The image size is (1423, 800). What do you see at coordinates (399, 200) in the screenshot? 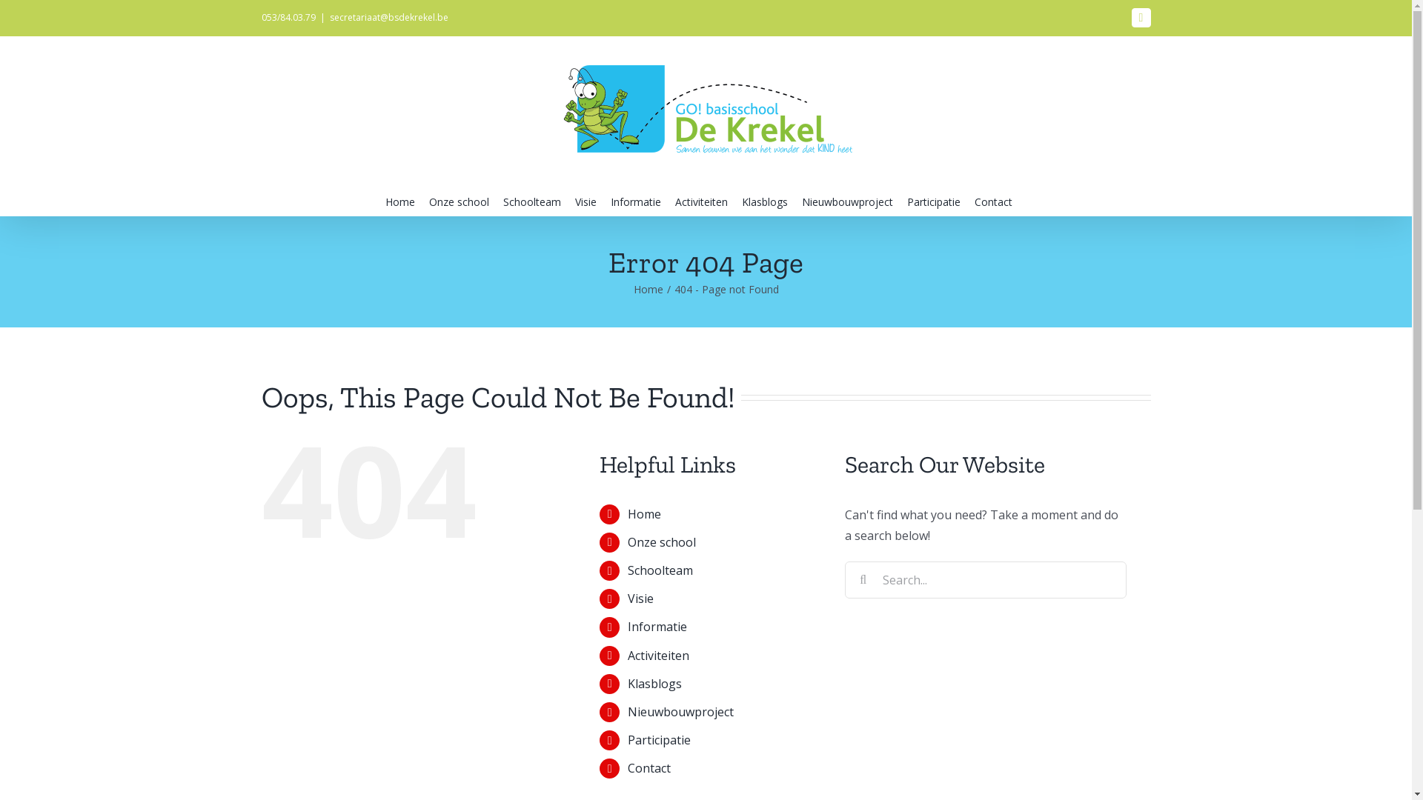
I see `'Home'` at bounding box center [399, 200].